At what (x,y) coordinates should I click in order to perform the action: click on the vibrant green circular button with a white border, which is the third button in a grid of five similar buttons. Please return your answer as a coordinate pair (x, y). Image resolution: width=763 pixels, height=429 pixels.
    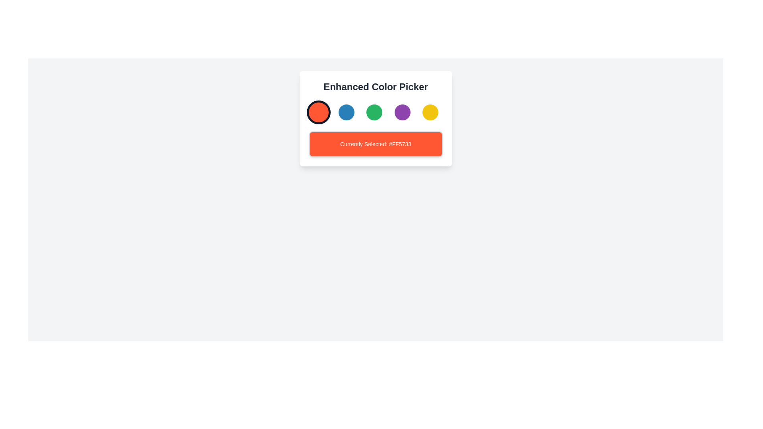
    Looking at the image, I should click on (374, 112).